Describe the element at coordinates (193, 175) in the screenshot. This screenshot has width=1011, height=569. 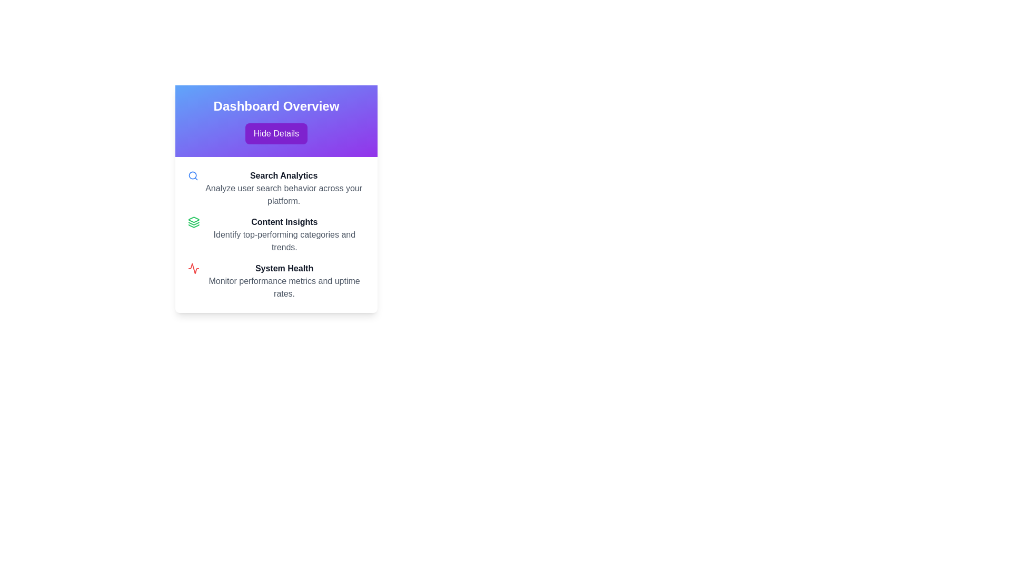
I see `the 'Search Analytics' icon located in the dashboard overview, which is the first icon among the listed features` at that location.